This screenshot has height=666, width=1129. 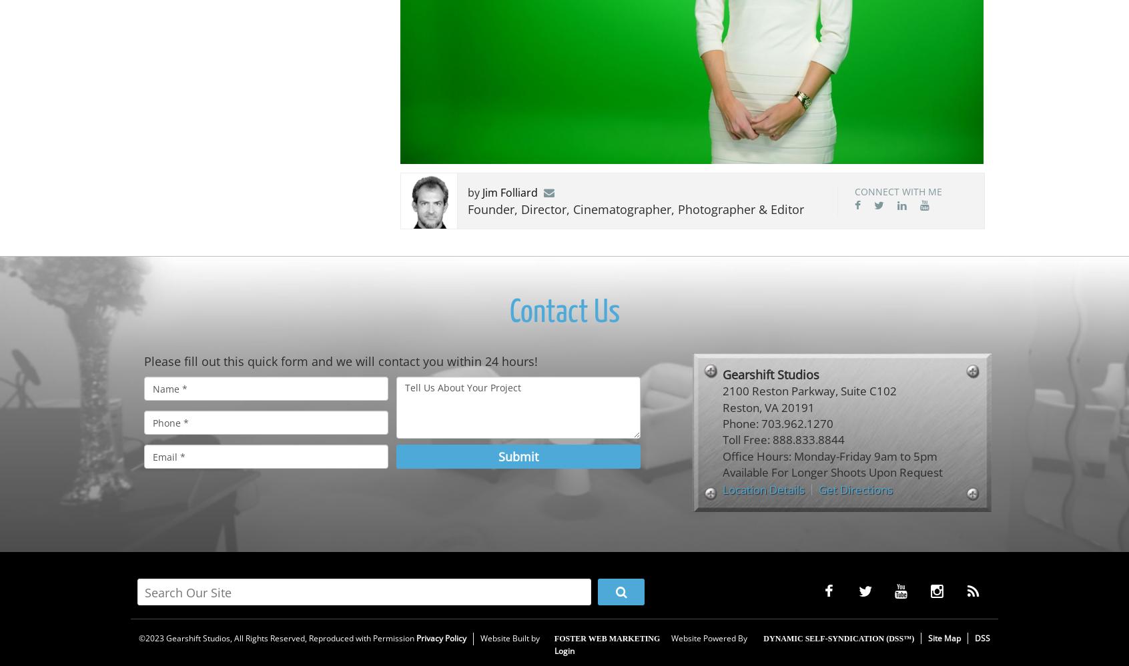 What do you see at coordinates (740, 407) in the screenshot?
I see `'Reston'` at bounding box center [740, 407].